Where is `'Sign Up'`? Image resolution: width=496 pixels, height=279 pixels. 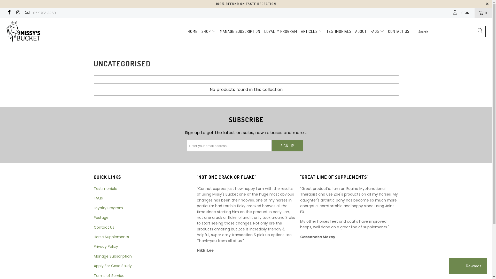 'Sign Up' is located at coordinates (271, 145).